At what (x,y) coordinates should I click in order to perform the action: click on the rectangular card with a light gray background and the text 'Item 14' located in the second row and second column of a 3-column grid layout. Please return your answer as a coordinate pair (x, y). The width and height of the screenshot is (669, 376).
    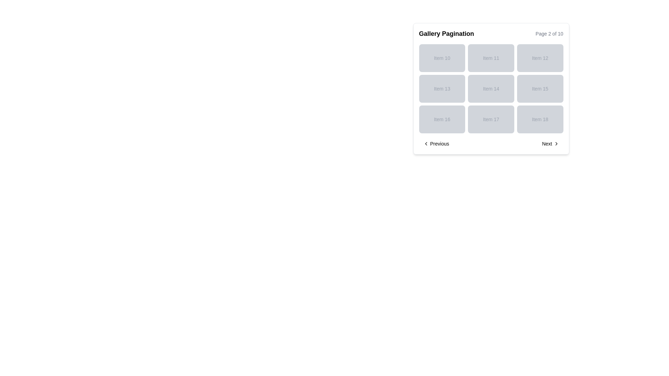
    Looking at the image, I should click on (491, 88).